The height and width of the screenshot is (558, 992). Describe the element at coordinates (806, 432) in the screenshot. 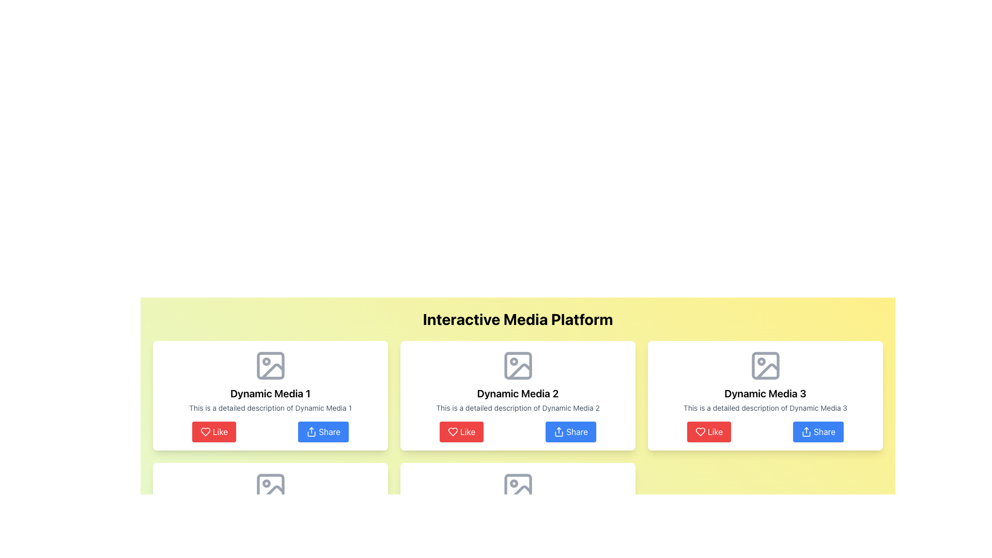

I see `the blue sharing icon located within the 'Share' button of the third card titled 'Dynamic Media 3'` at that location.